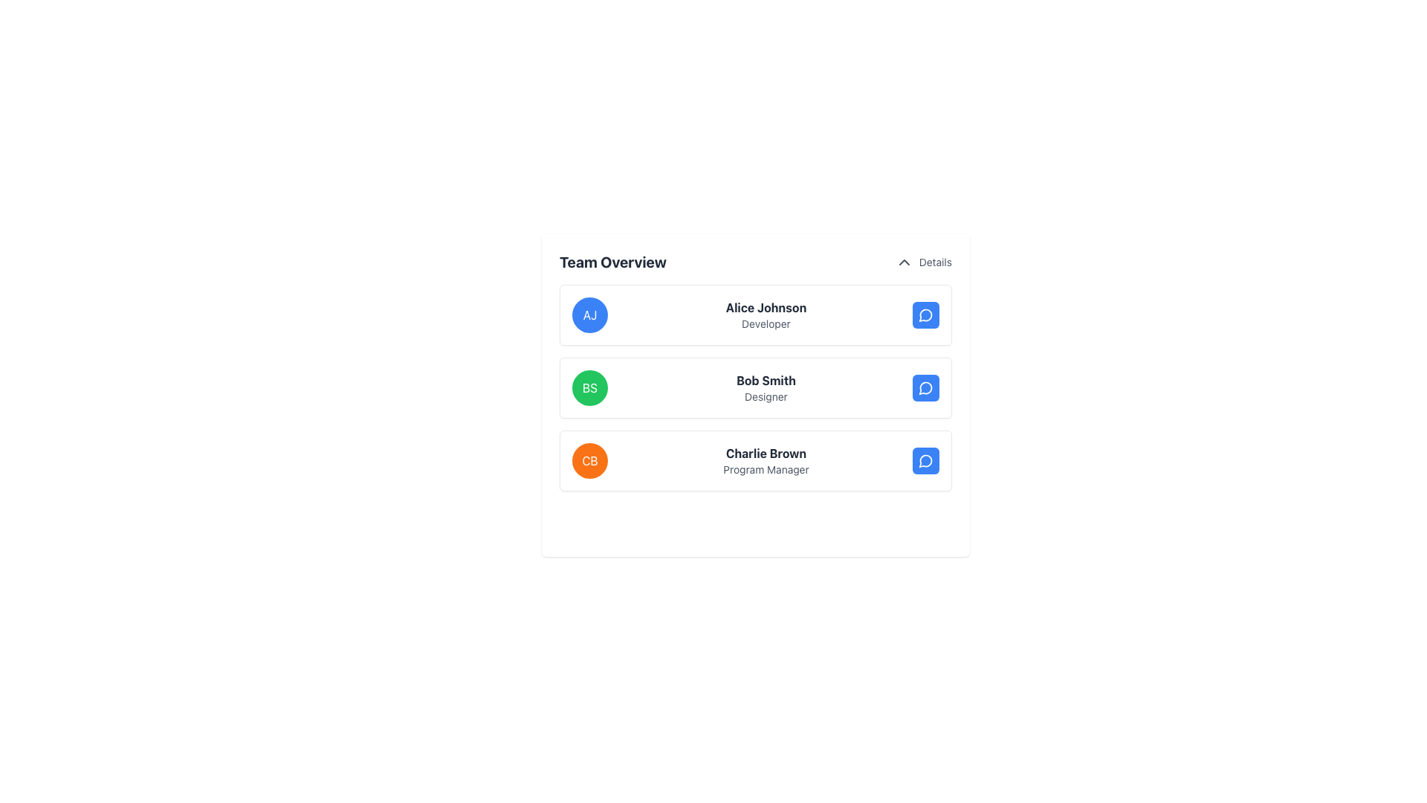 The width and height of the screenshot is (1427, 803). Describe the element at coordinates (589, 315) in the screenshot. I see `the Avatar icon representing 'Alice Johnson, Developer' located on the left side of the top row of user cards` at that location.